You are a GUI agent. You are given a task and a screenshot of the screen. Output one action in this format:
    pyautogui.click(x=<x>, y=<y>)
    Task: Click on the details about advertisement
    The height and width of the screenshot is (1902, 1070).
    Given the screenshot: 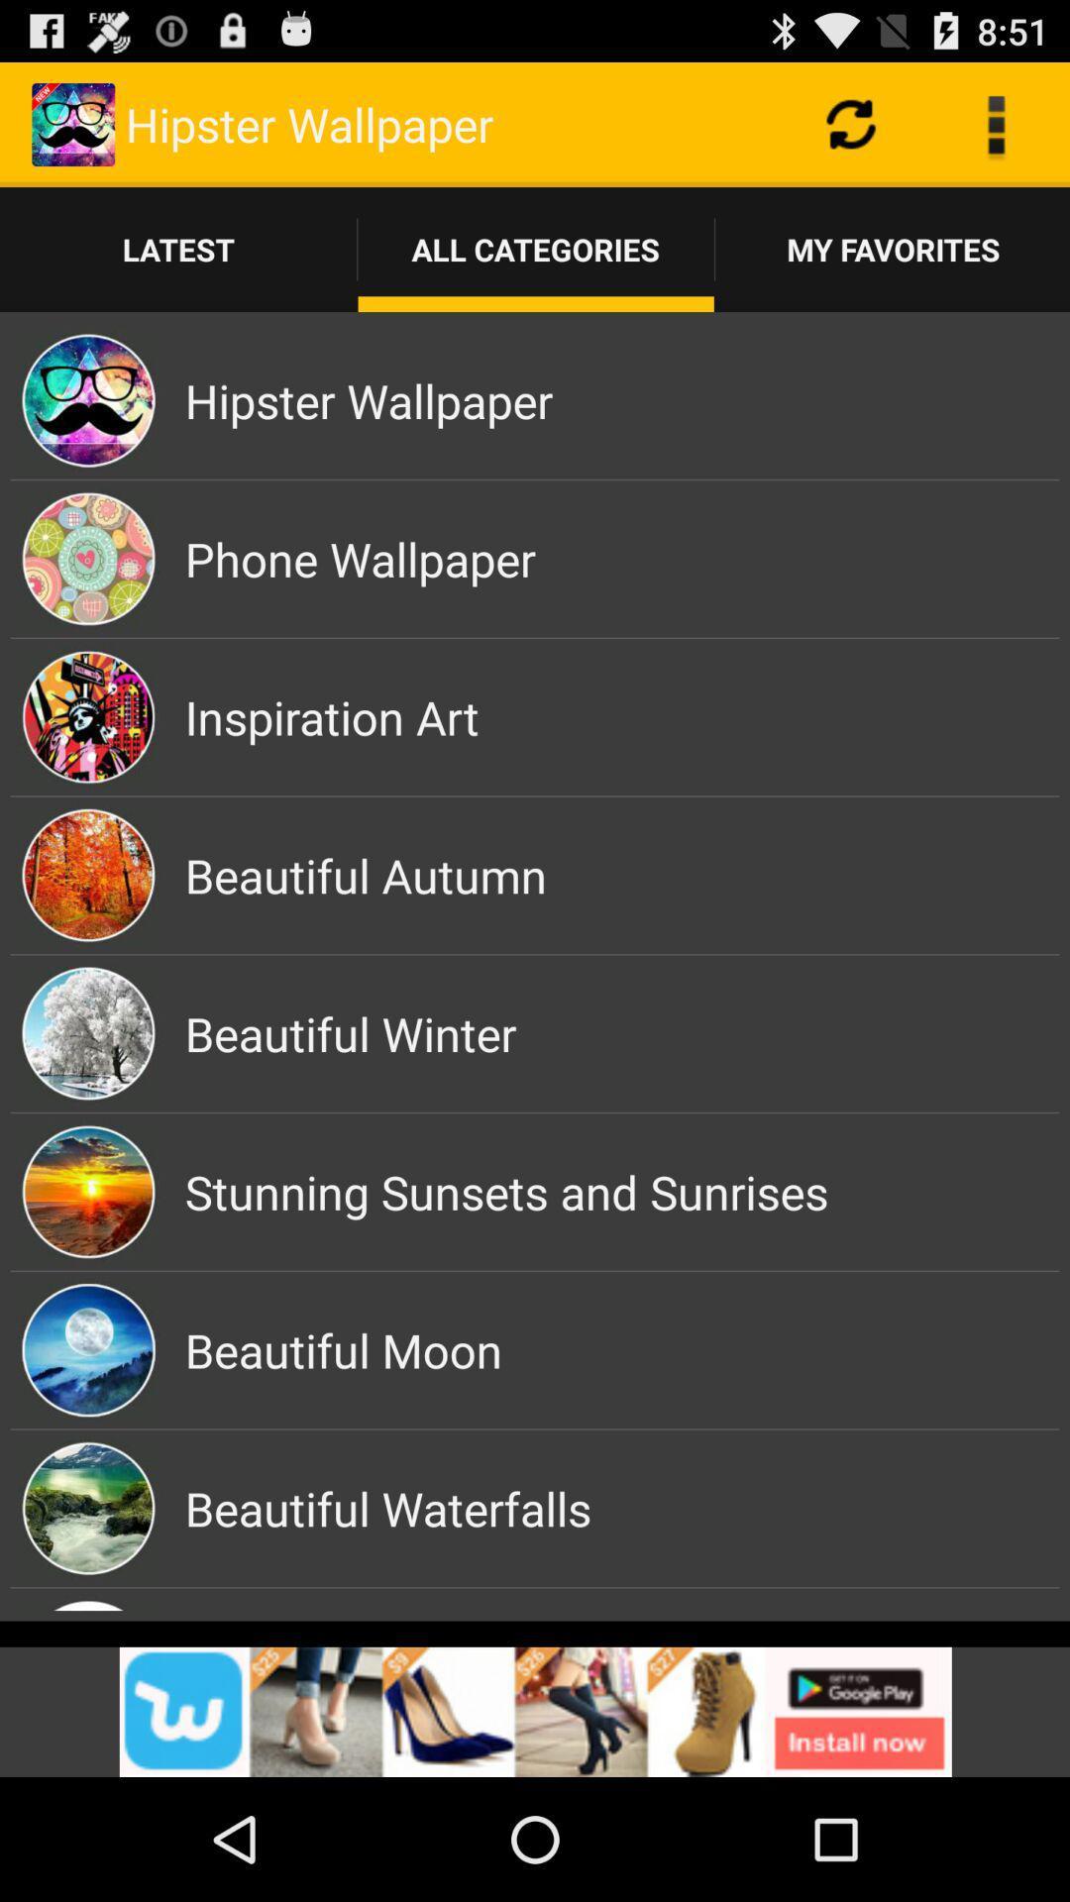 What is the action you would take?
    pyautogui.click(x=535, y=1711)
    